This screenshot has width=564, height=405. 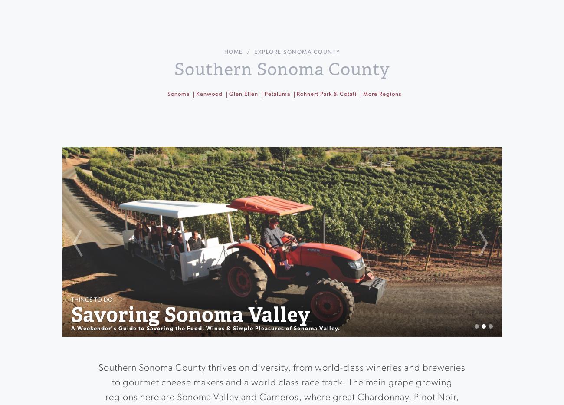 What do you see at coordinates (452, 124) in the screenshot?
I see `'Breweries & Distilleries'` at bounding box center [452, 124].